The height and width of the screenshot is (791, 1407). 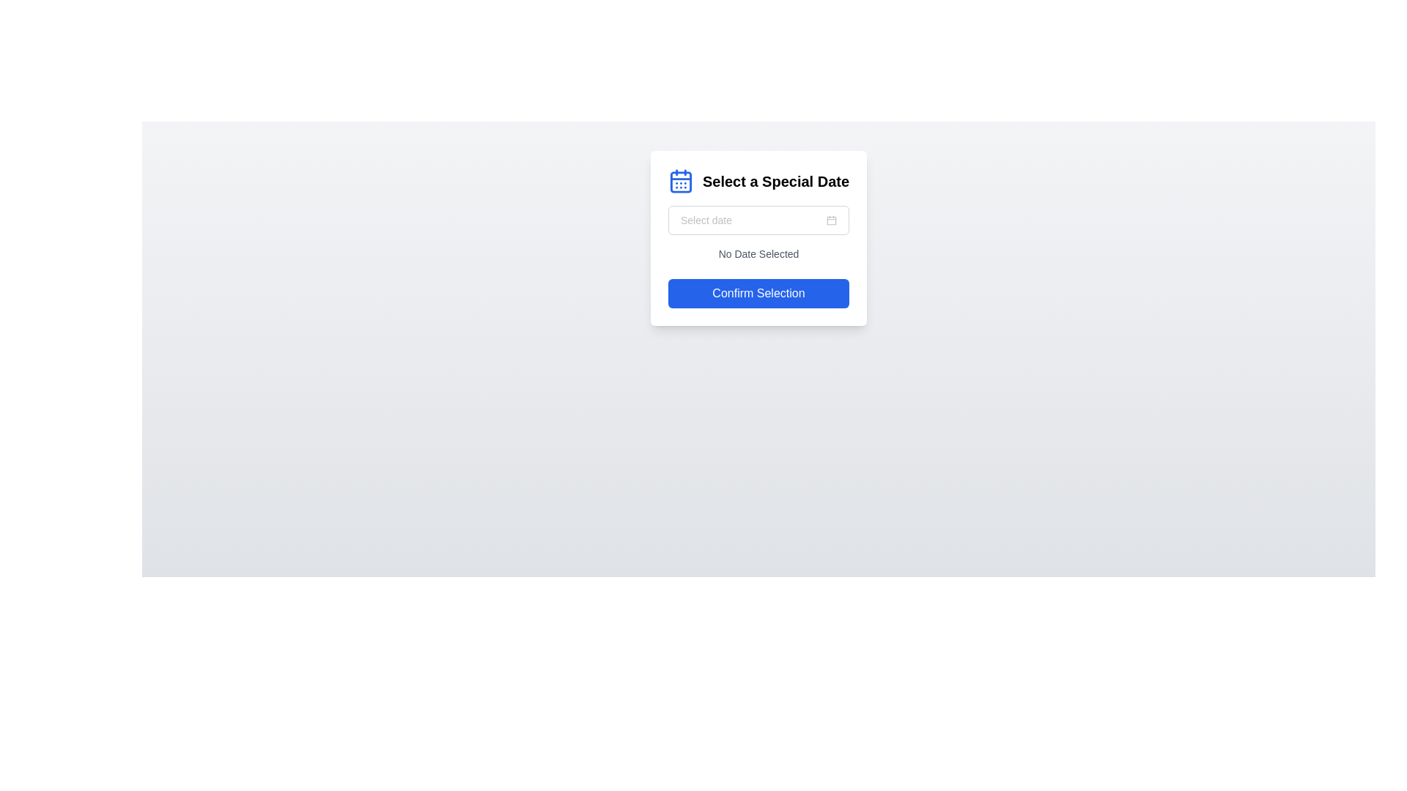 I want to click on the bold, large-sized text element that reads 'Select a Special Date', which is positioned to the right of the calendar icon, so click(x=775, y=180).